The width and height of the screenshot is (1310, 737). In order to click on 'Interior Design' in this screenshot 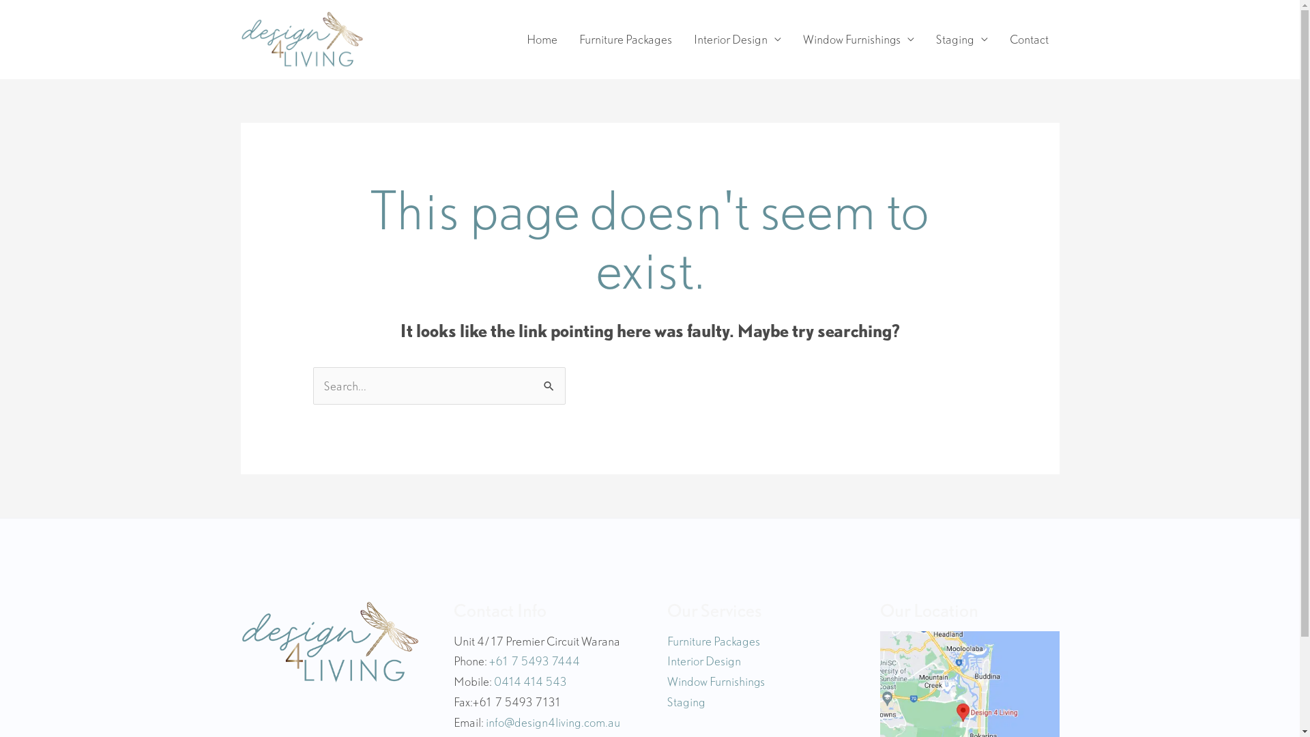, I will do `click(736, 38)`.